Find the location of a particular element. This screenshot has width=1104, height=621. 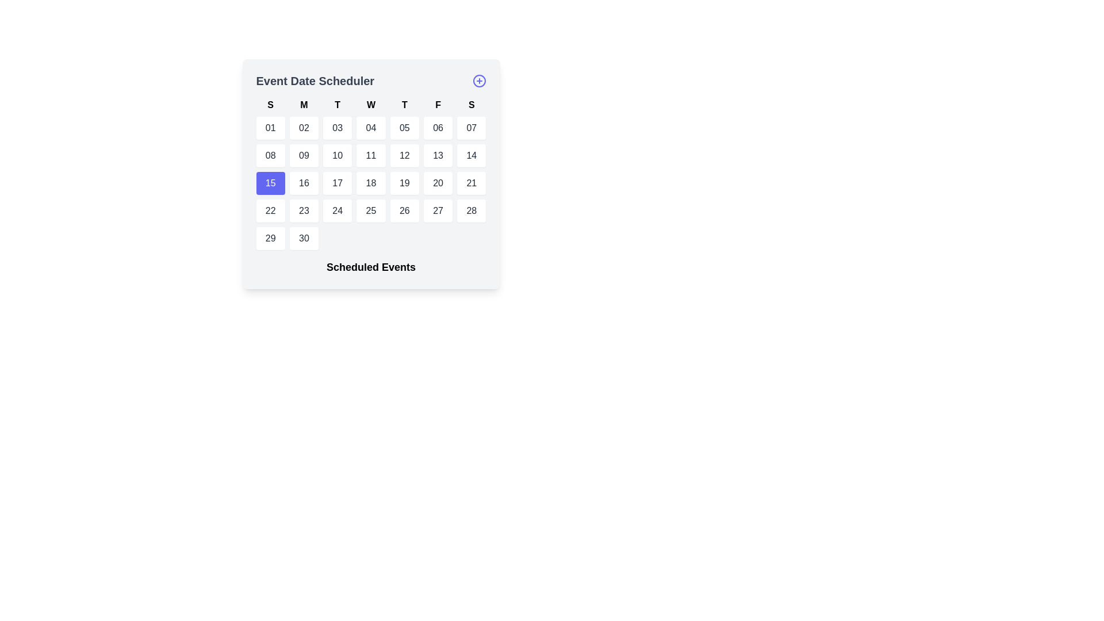

the button displaying '02' in the calendar grid is located at coordinates (304, 128).